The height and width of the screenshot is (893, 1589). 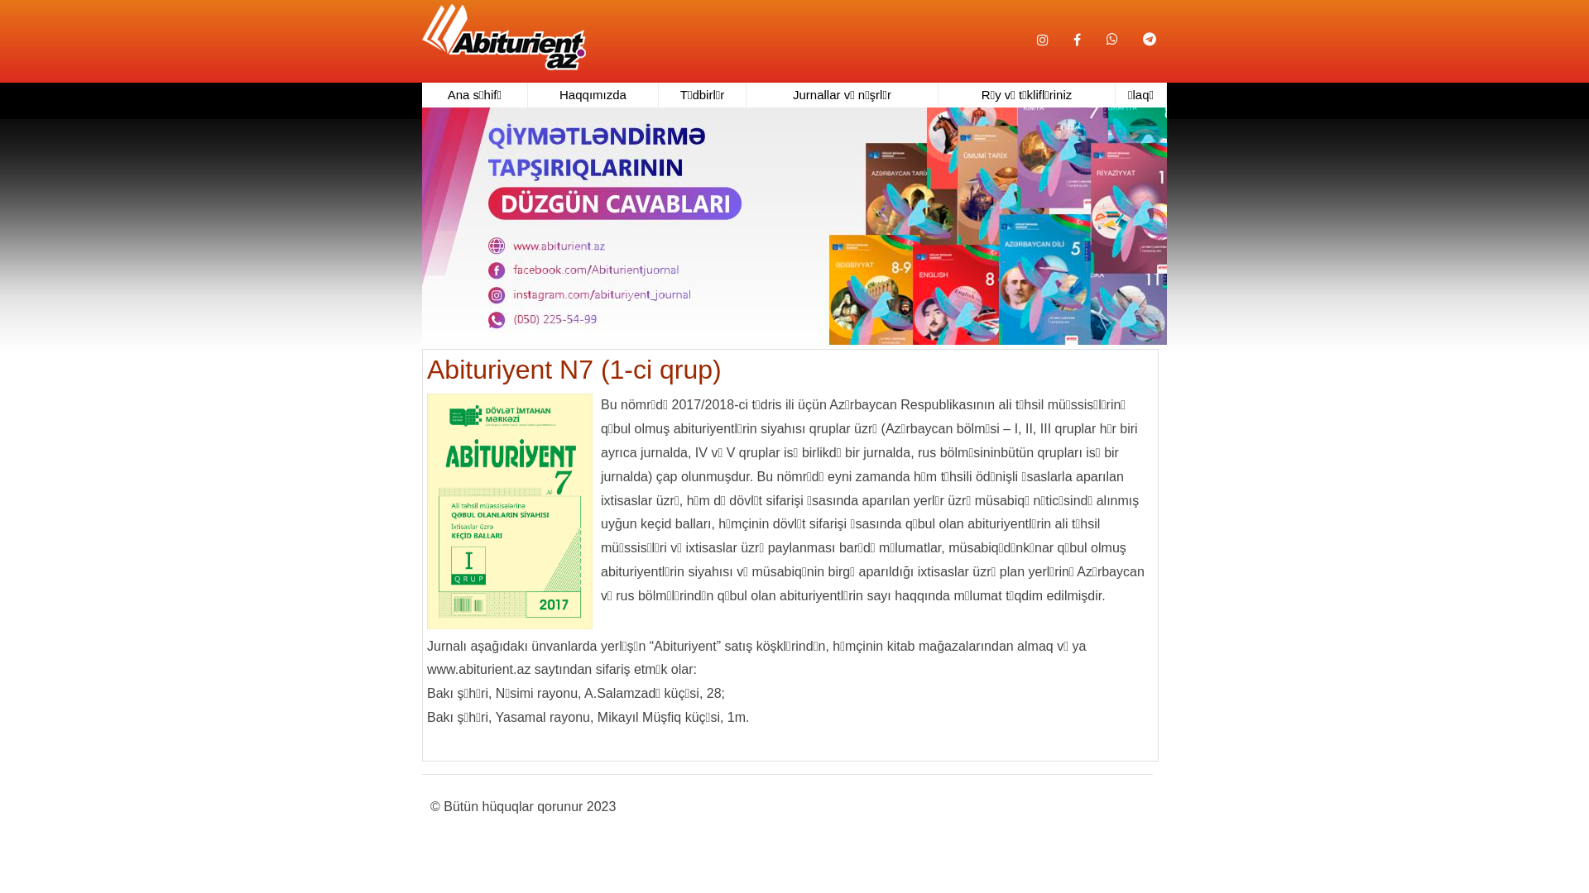 What do you see at coordinates (1041, 40) in the screenshot?
I see `'Instagram'` at bounding box center [1041, 40].